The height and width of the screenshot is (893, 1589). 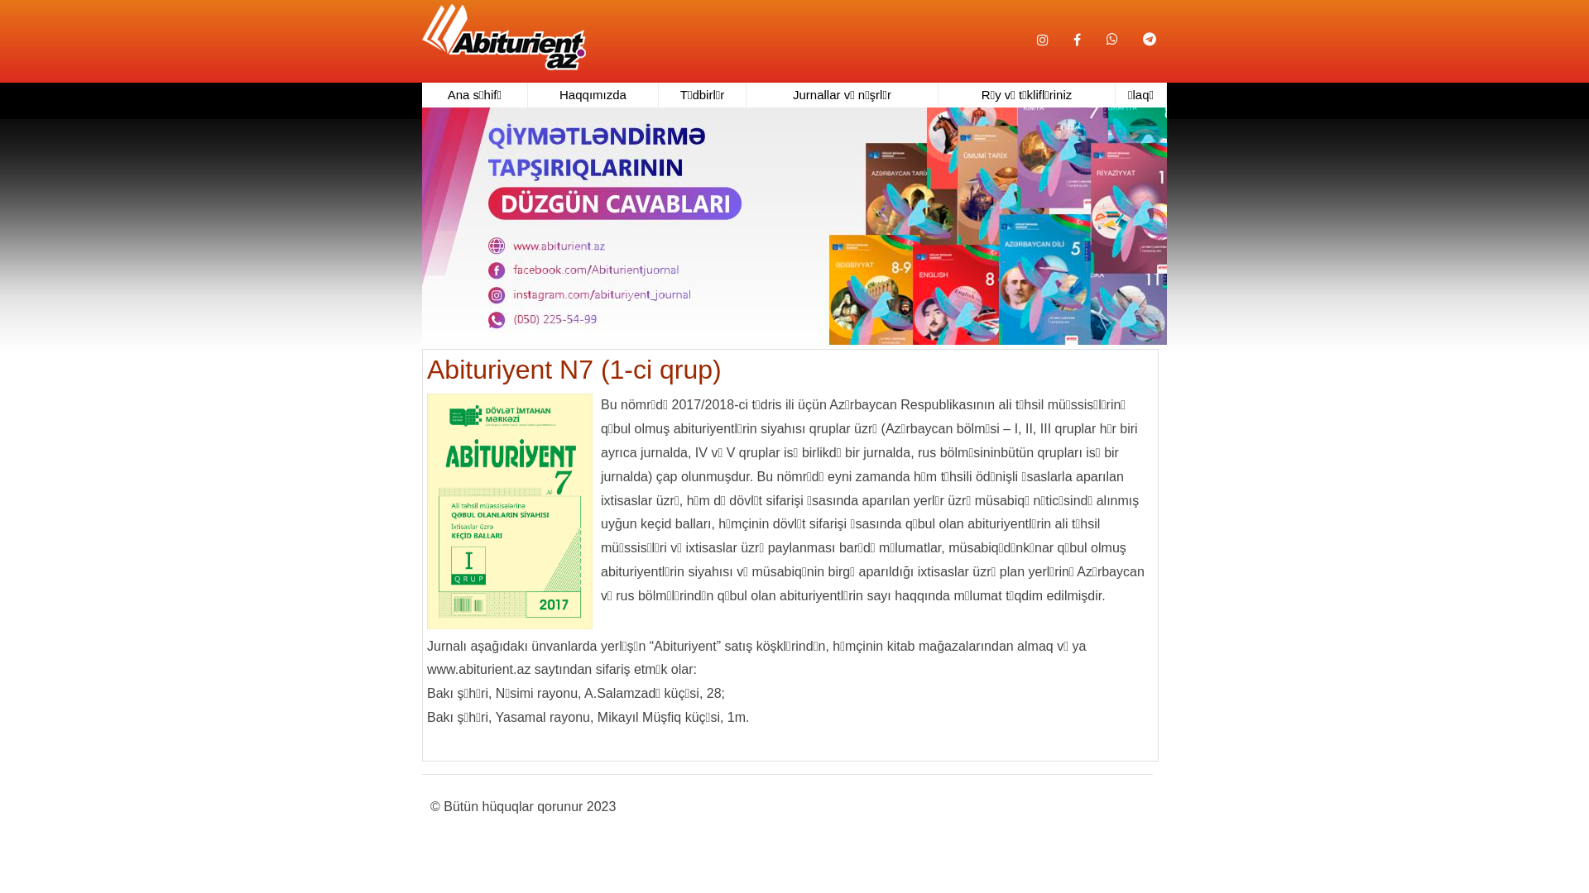 What do you see at coordinates (1041, 40) in the screenshot?
I see `'Instagram'` at bounding box center [1041, 40].